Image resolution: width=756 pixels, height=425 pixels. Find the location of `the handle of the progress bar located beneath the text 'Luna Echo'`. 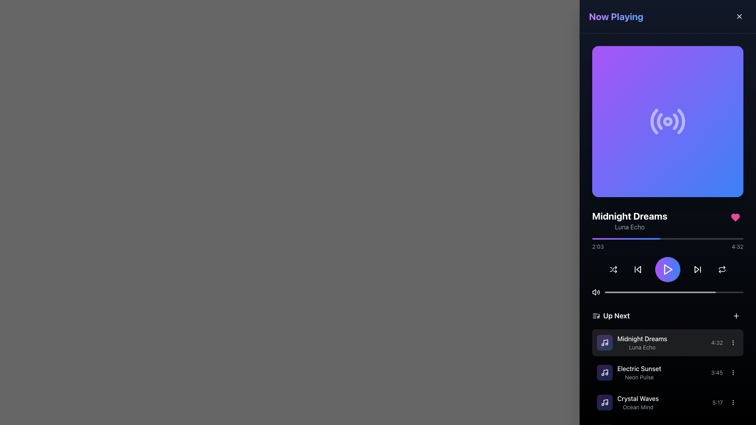

the handle of the progress bar located beneath the text 'Luna Echo' is located at coordinates (667, 244).